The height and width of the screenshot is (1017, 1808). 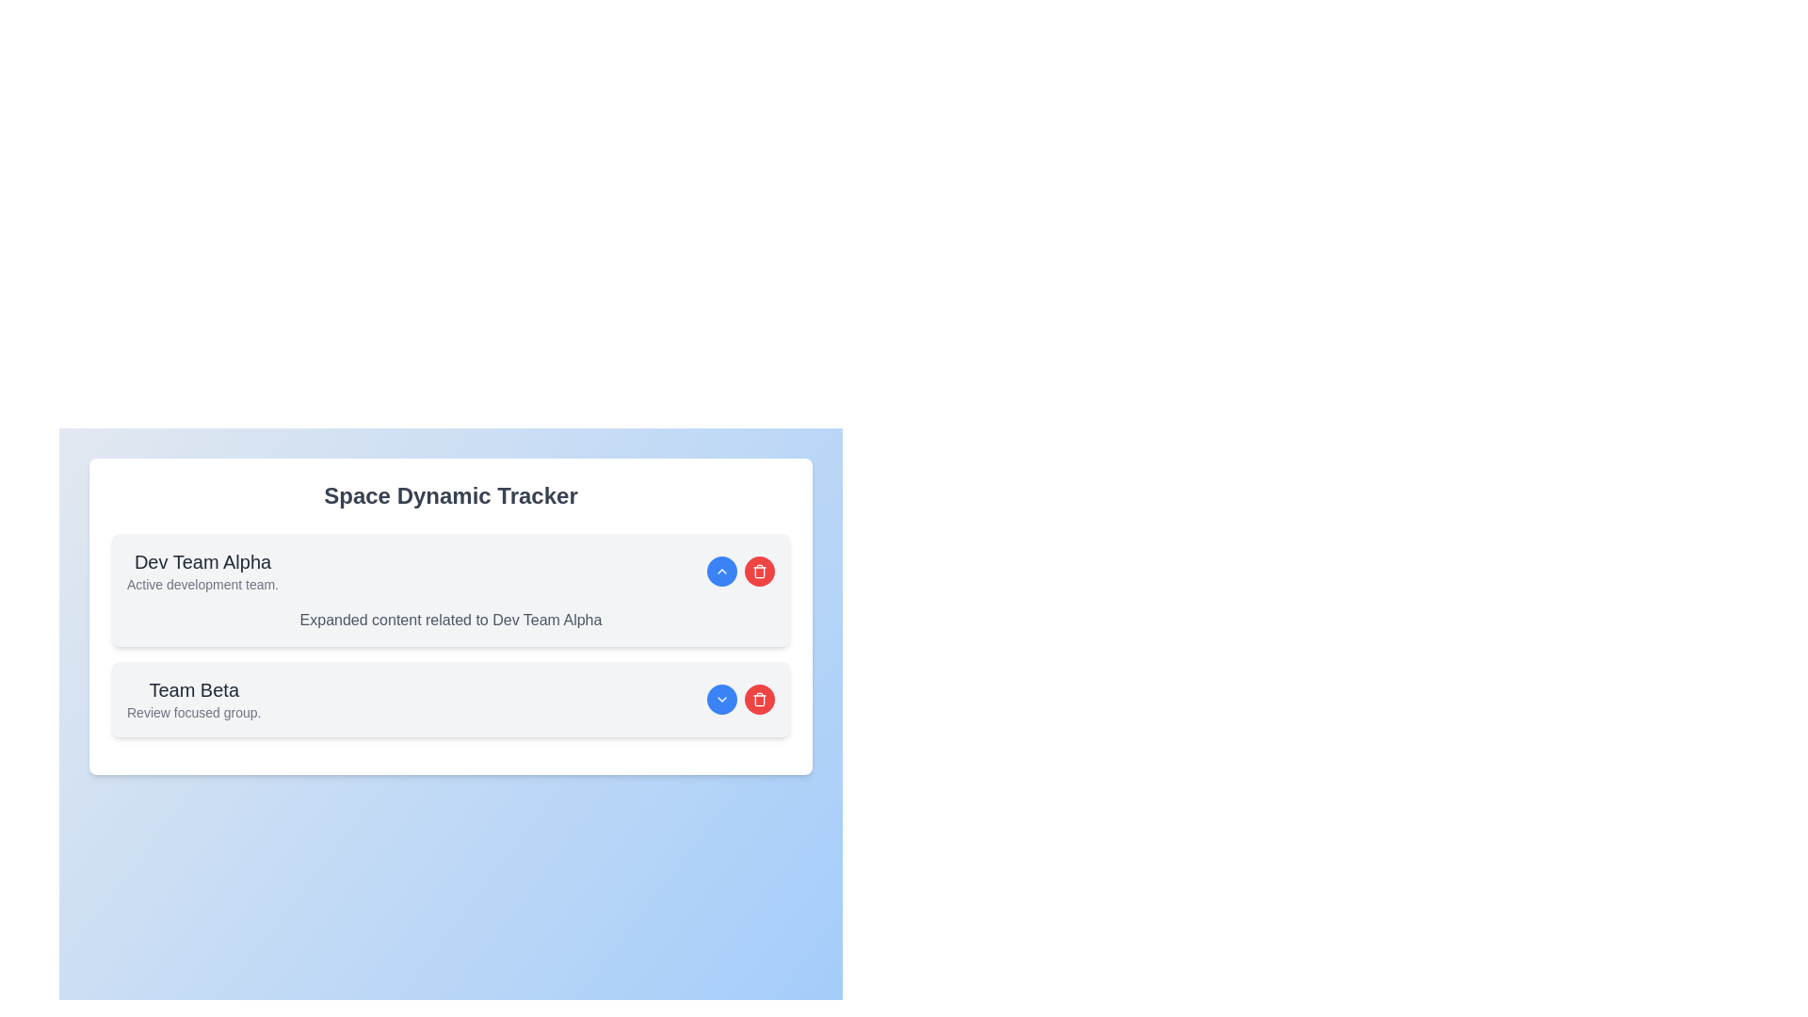 I want to click on the toggle button for 'Team Beta' located in the lower region of the interface, so click(x=721, y=700).